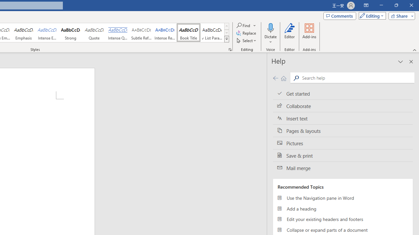 Image resolution: width=419 pixels, height=235 pixels. I want to click on 'Task Pane Options', so click(400, 62).